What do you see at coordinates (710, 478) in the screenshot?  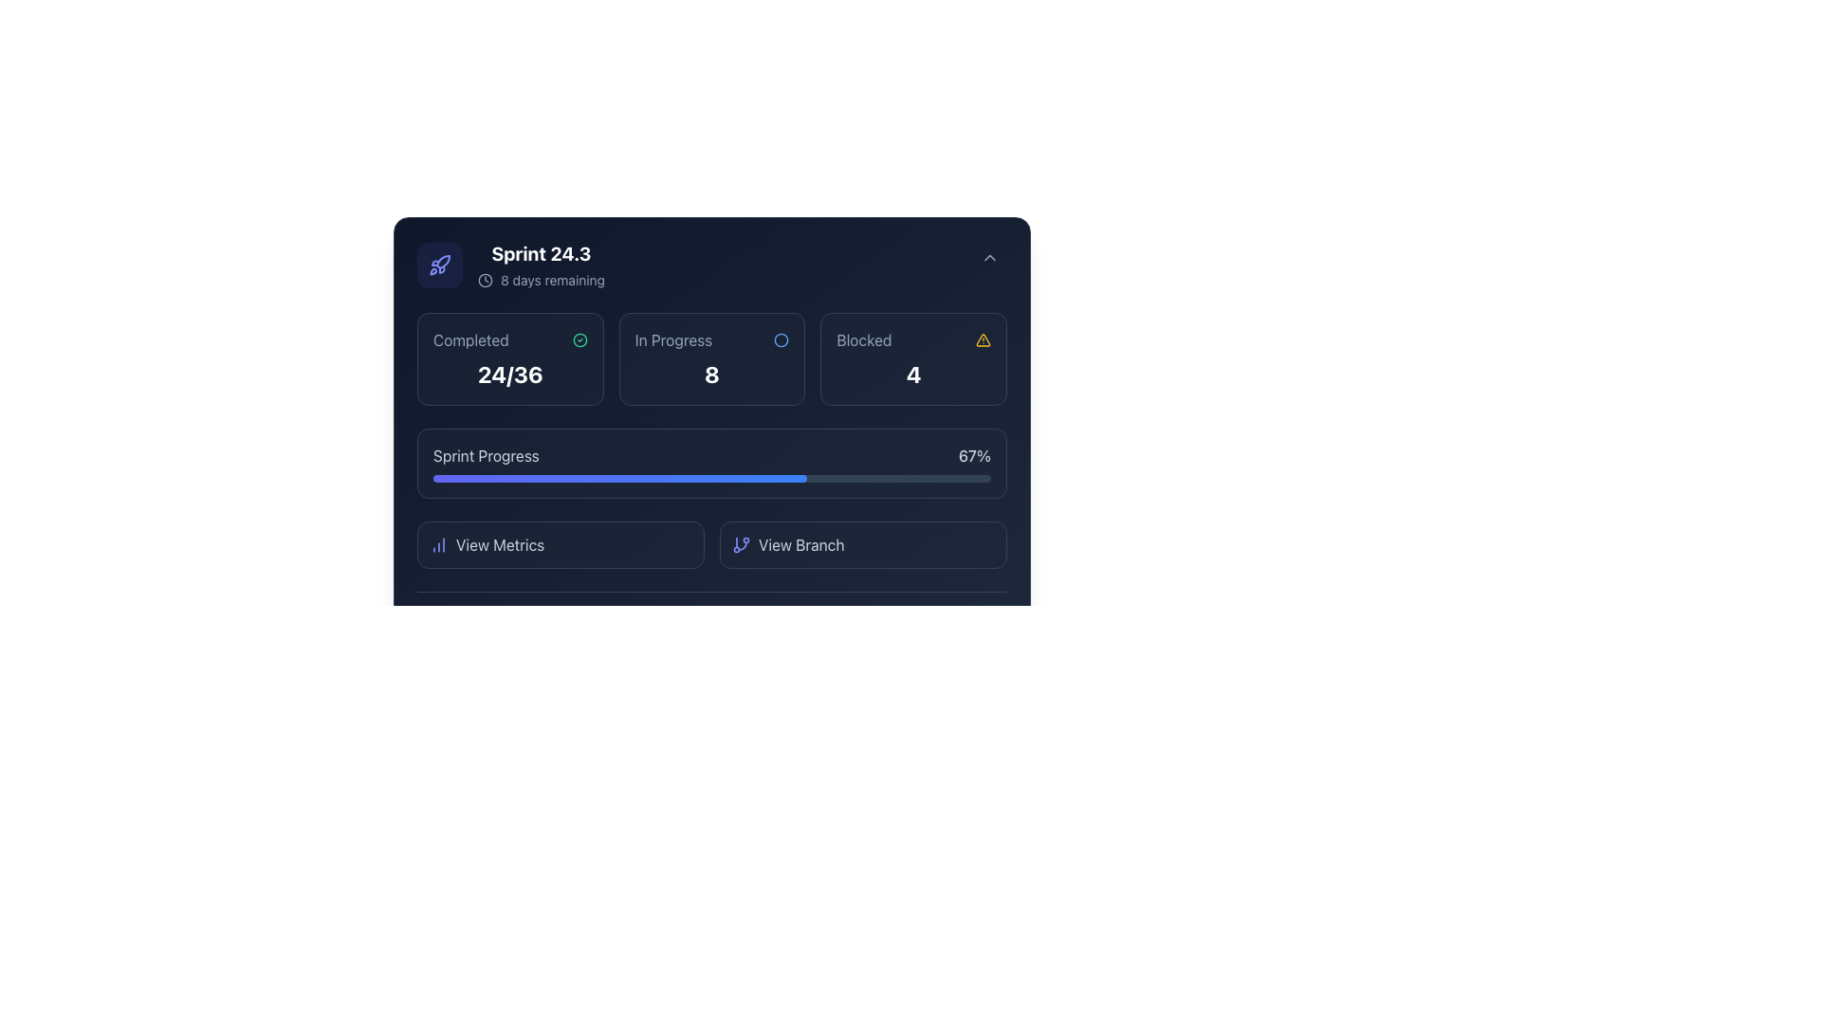 I see `the Dashboard Progress Component` at bounding box center [710, 478].